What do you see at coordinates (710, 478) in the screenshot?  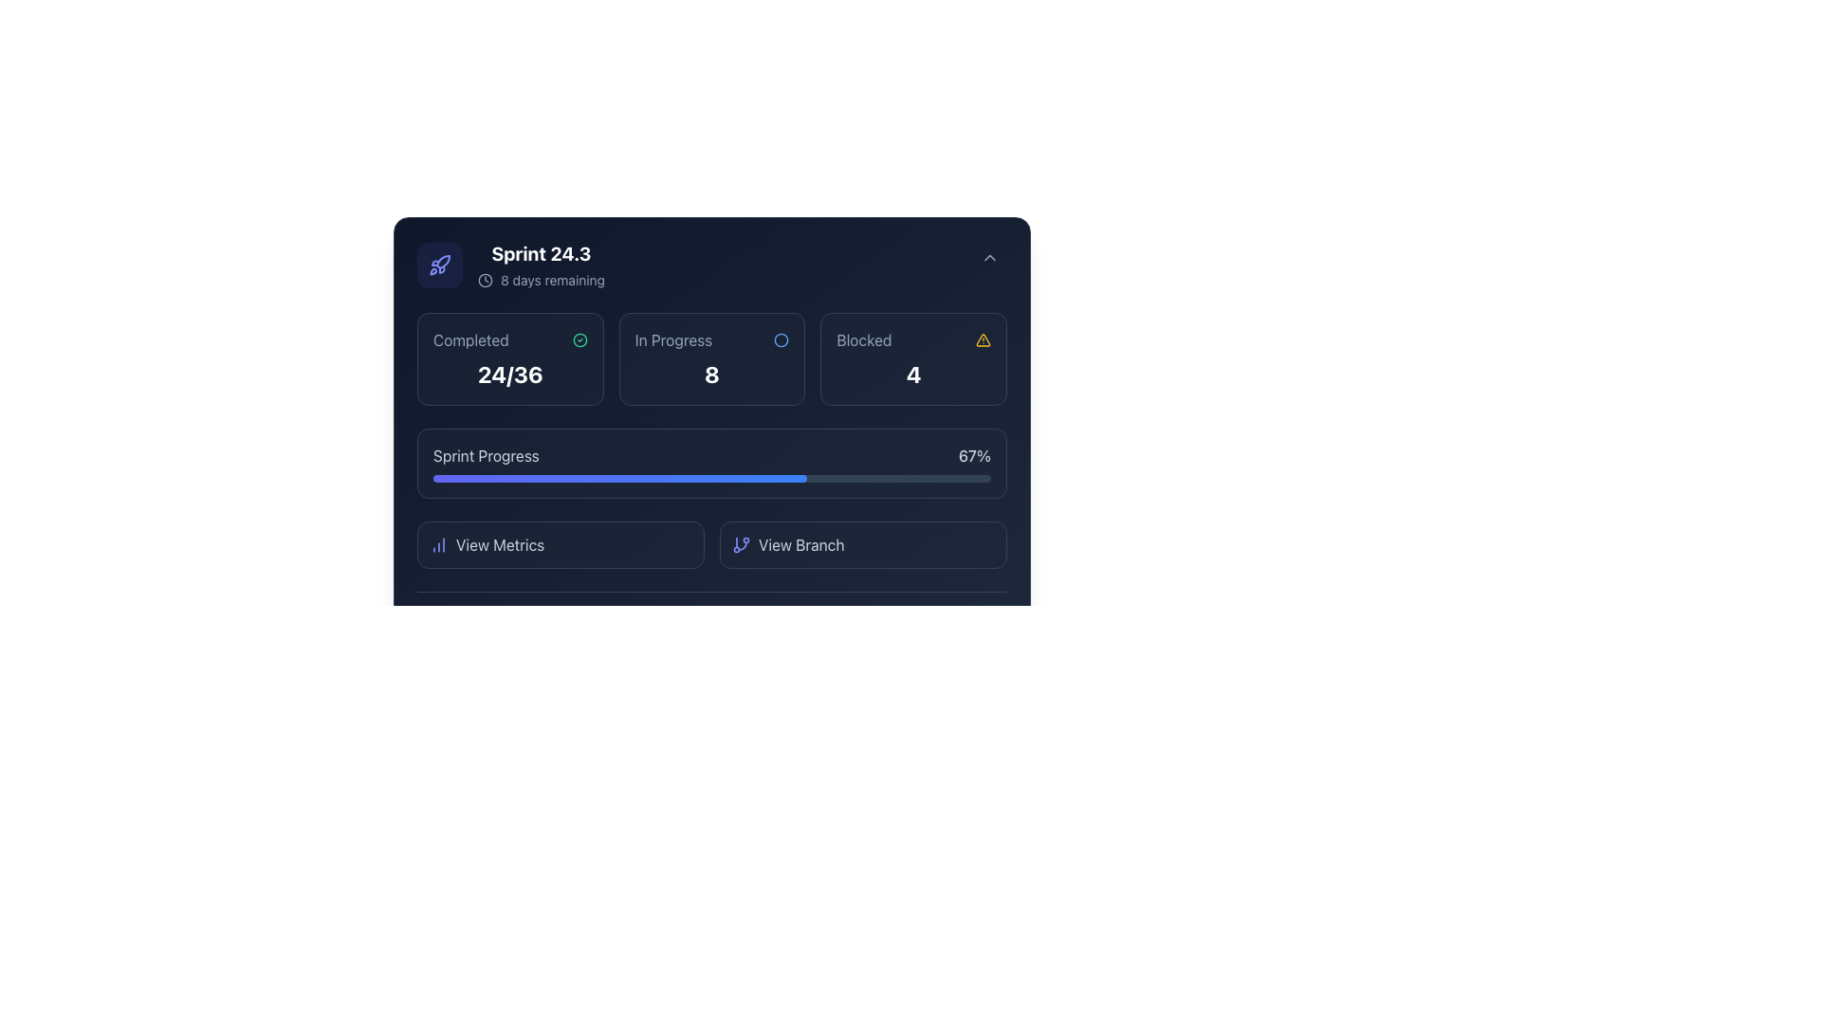 I see `the Dashboard Progress Component` at bounding box center [710, 478].